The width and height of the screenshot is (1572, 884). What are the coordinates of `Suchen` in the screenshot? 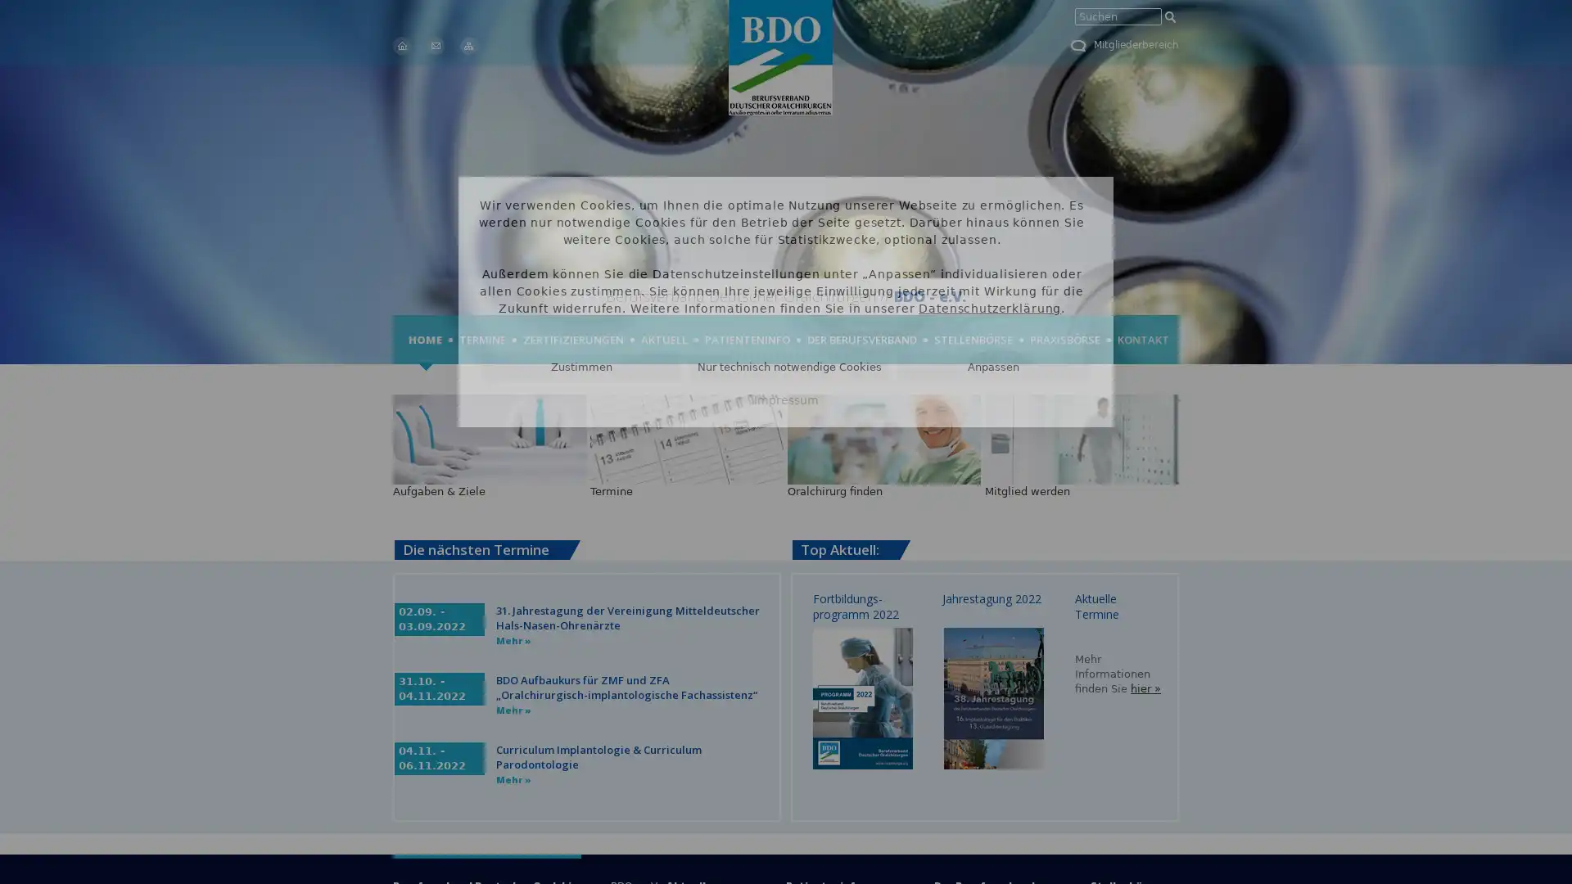 It's located at (1169, 16).